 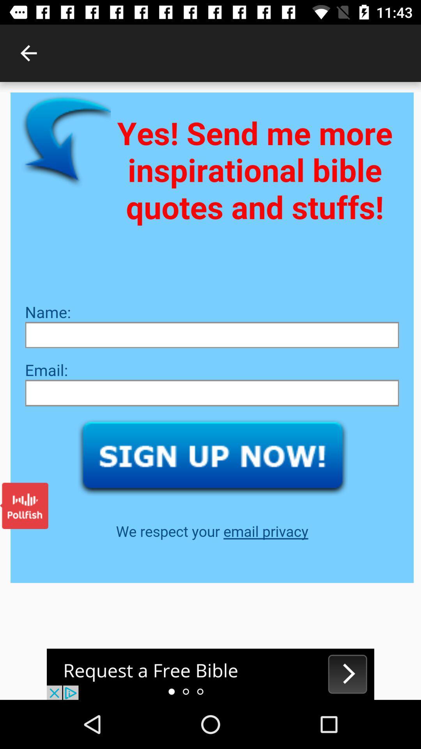 What do you see at coordinates (23, 506) in the screenshot?
I see `open pollfish` at bounding box center [23, 506].